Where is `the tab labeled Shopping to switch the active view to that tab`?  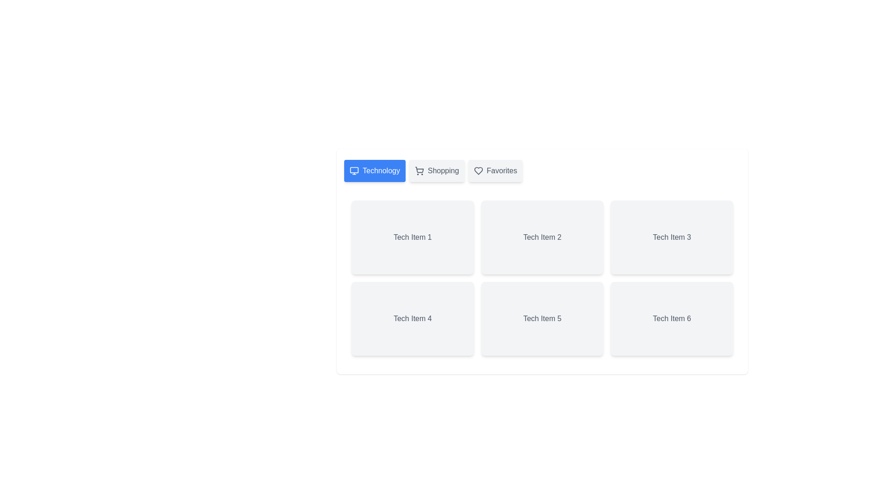 the tab labeled Shopping to switch the active view to that tab is located at coordinates (436, 171).